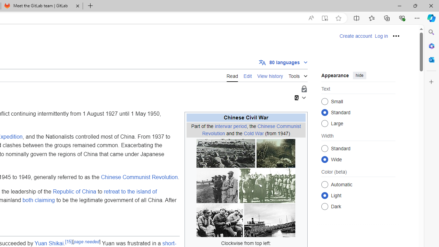 The width and height of the screenshot is (439, 247). I want to click on 'both claiming', so click(38, 200).